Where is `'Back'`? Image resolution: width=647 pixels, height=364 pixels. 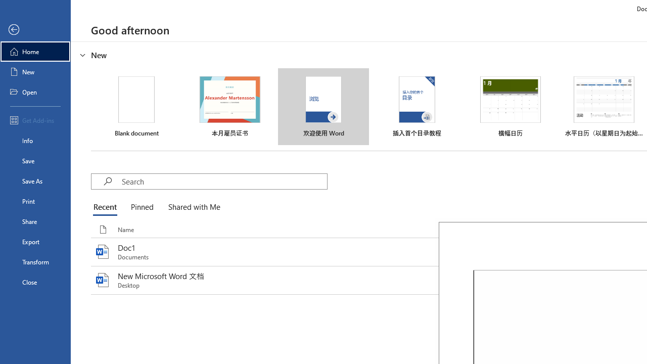 'Back' is located at coordinates (35, 29).